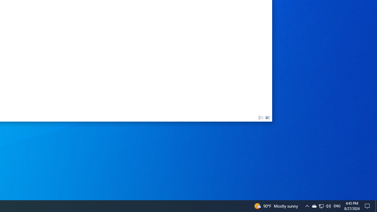 Image resolution: width=377 pixels, height=212 pixels. What do you see at coordinates (328, 206) in the screenshot?
I see `'Q2790: 100%'` at bounding box center [328, 206].